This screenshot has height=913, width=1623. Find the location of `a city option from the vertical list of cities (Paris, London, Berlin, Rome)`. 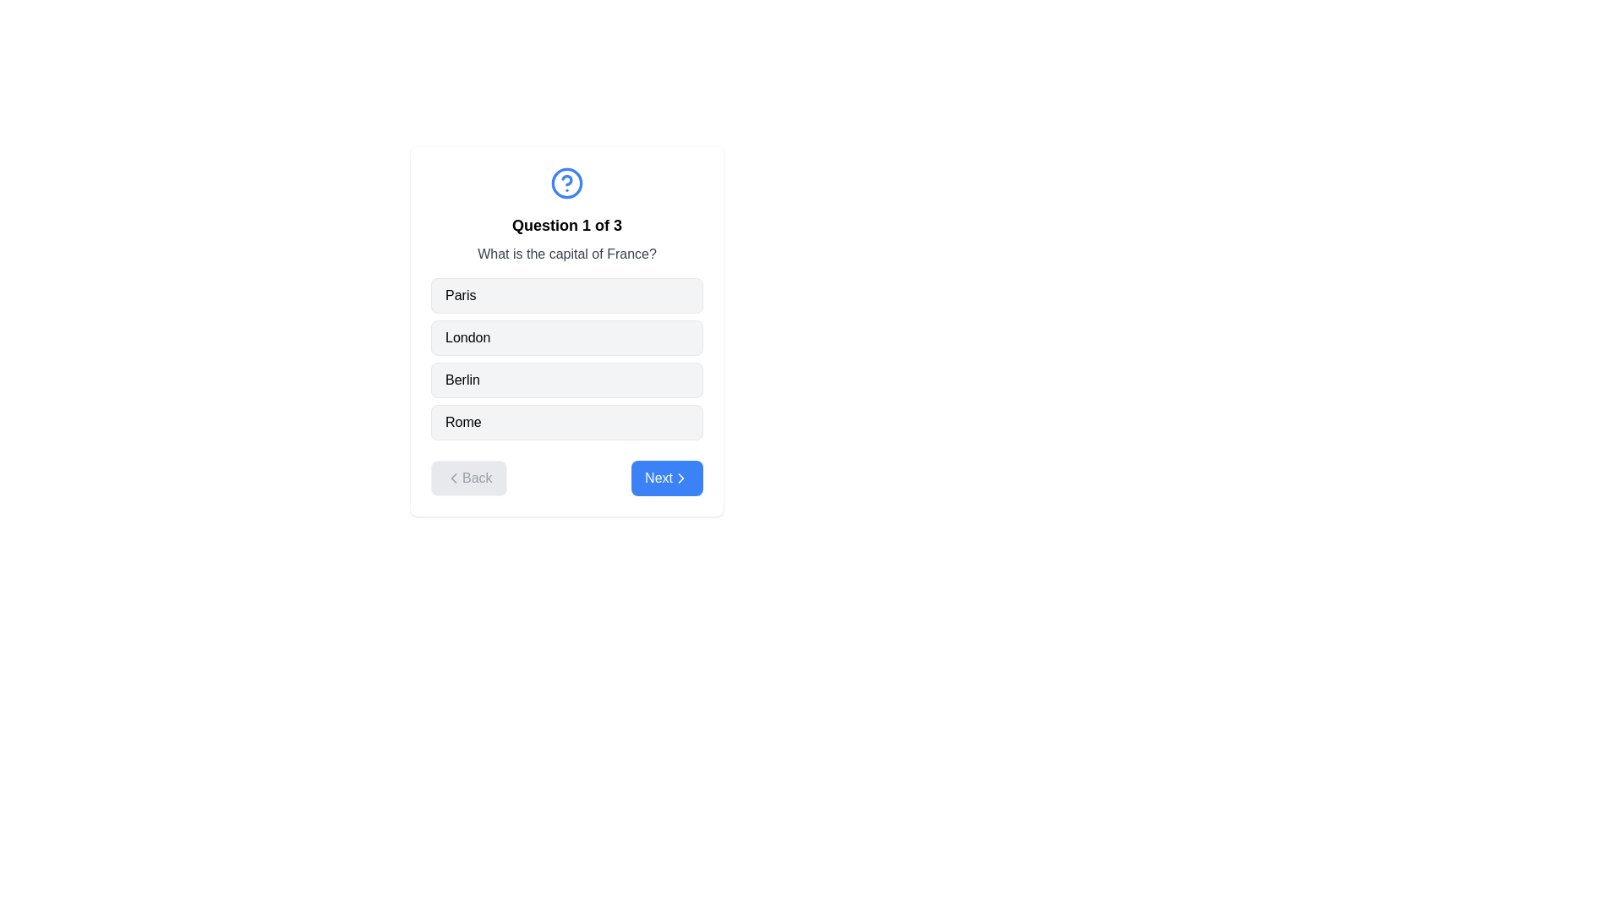

a city option from the vertical list of cities (Paris, London, Berlin, Rome) is located at coordinates (567, 358).